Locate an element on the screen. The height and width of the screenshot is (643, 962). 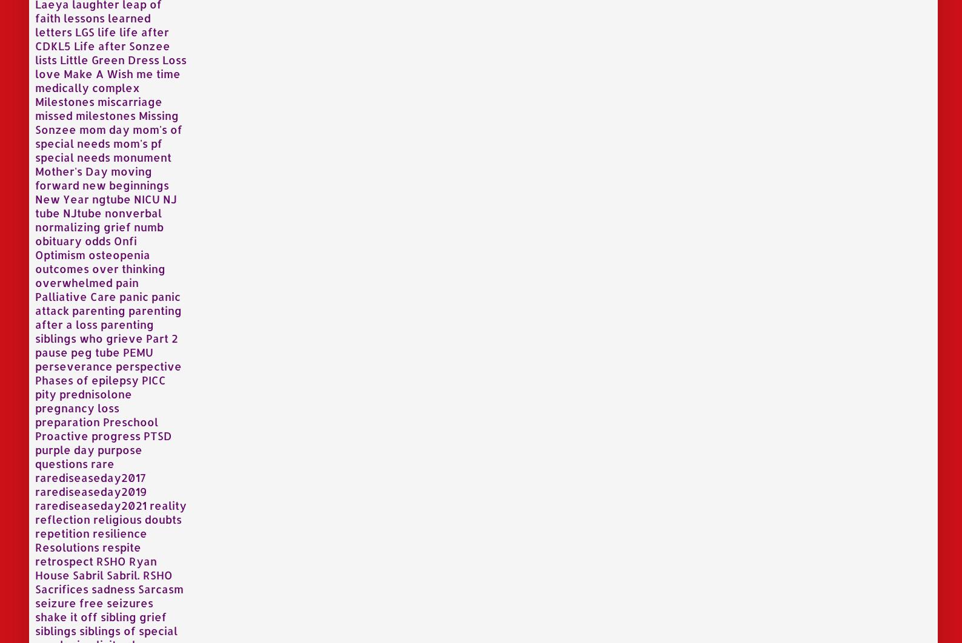
'rarediseaseday2021' is located at coordinates (90, 504).